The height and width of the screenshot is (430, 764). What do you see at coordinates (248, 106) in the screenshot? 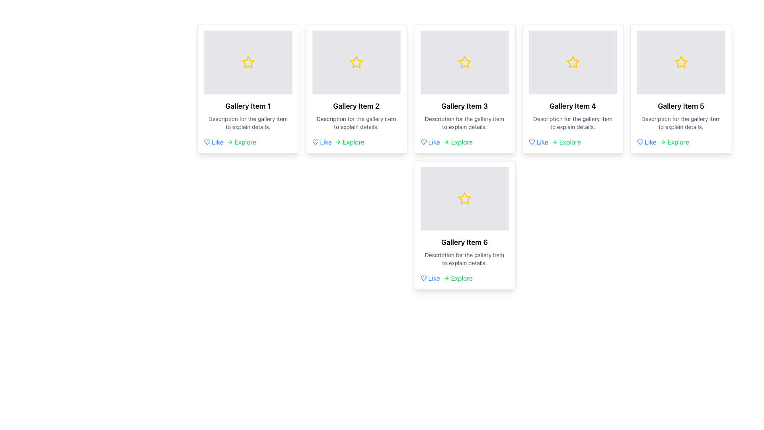
I see `the text label that serves as the title for the gallery card, located at the upper center area of the card, above the detailed description text and below the image placeholder` at bounding box center [248, 106].